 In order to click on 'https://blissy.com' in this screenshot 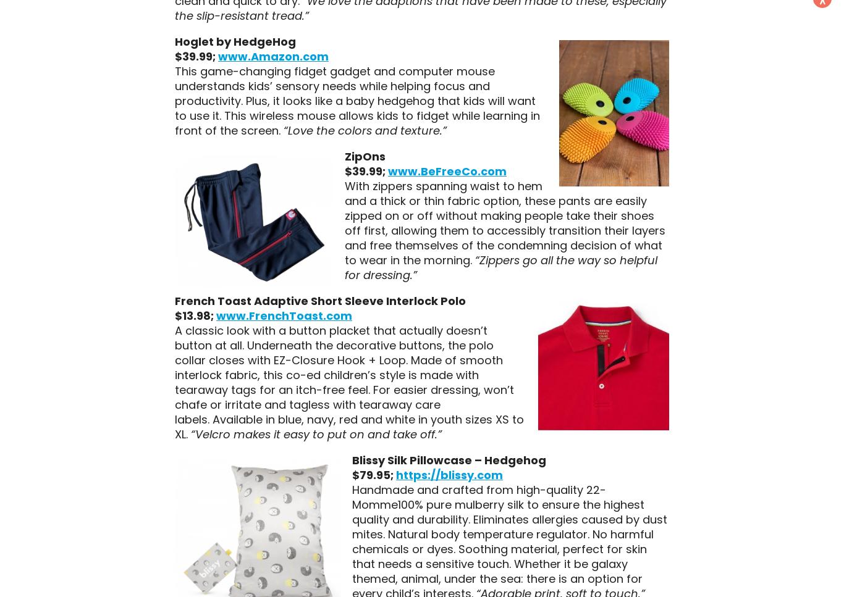, I will do `click(449, 474)`.